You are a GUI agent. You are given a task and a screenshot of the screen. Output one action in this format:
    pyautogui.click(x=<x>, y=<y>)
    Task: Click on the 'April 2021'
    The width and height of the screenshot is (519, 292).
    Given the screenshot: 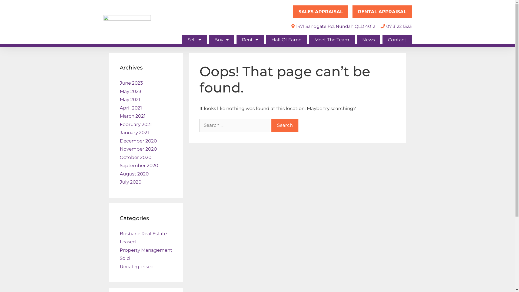 What is the action you would take?
    pyautogui.click(x=131, y=107)
    